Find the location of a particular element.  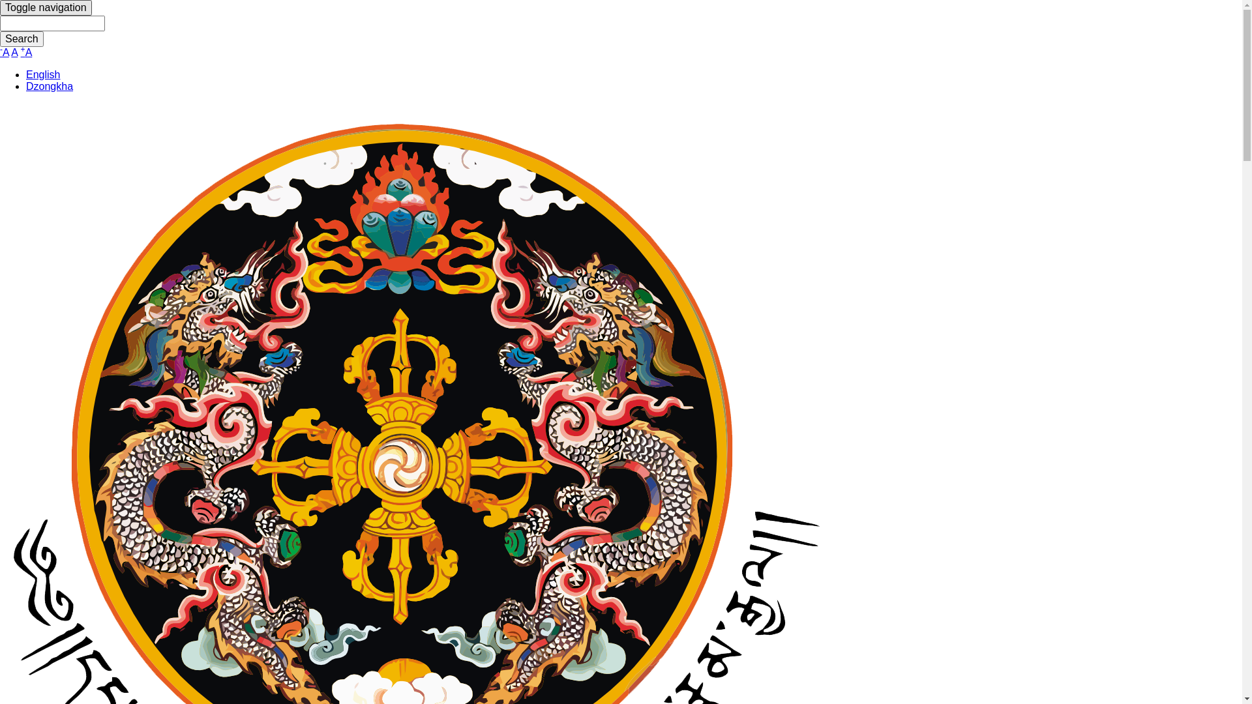

'Enter the terms you wish to search for.' is located at coordinates (52, 23).